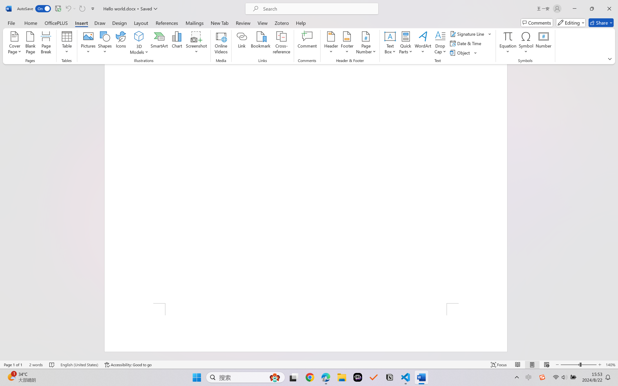  I want to click on 'Zoom', so click(579, 365).